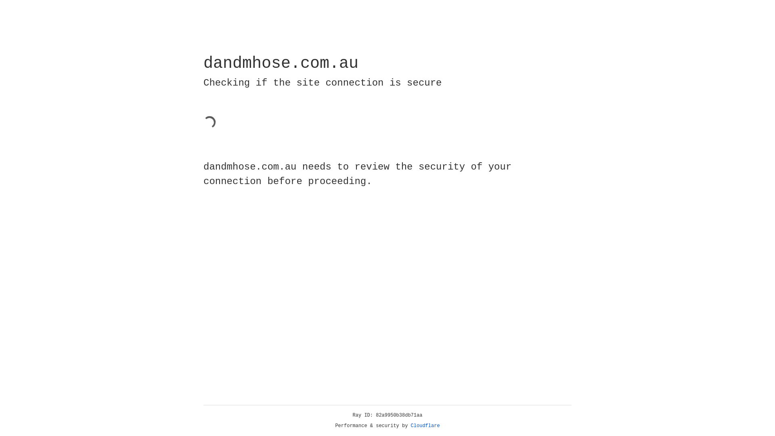  Describe the element at coordinates (411, 426) in the screenshot. I see `'Cloudflare'` at that location.